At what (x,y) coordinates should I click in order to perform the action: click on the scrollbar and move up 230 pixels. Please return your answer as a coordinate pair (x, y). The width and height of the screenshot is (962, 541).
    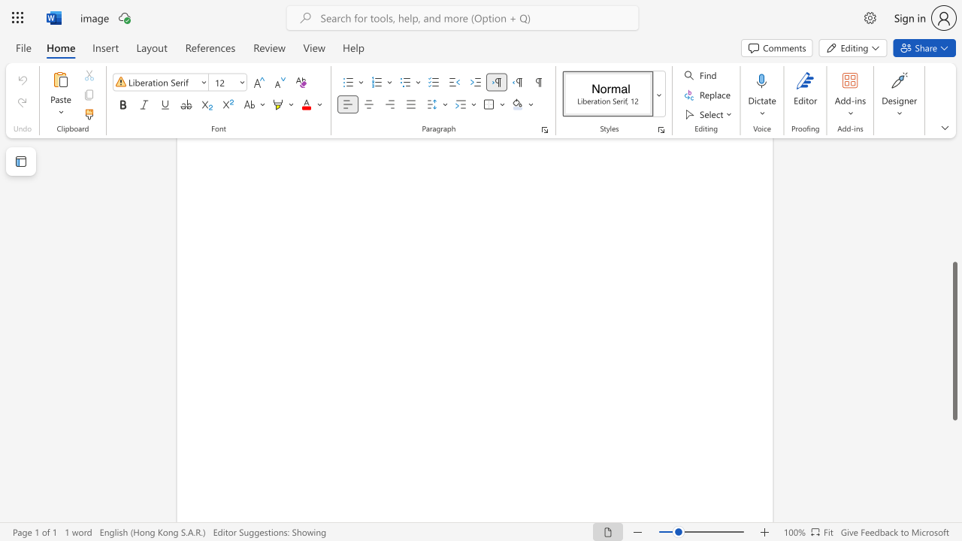
    Looking at the image, I should click on (954, 341).